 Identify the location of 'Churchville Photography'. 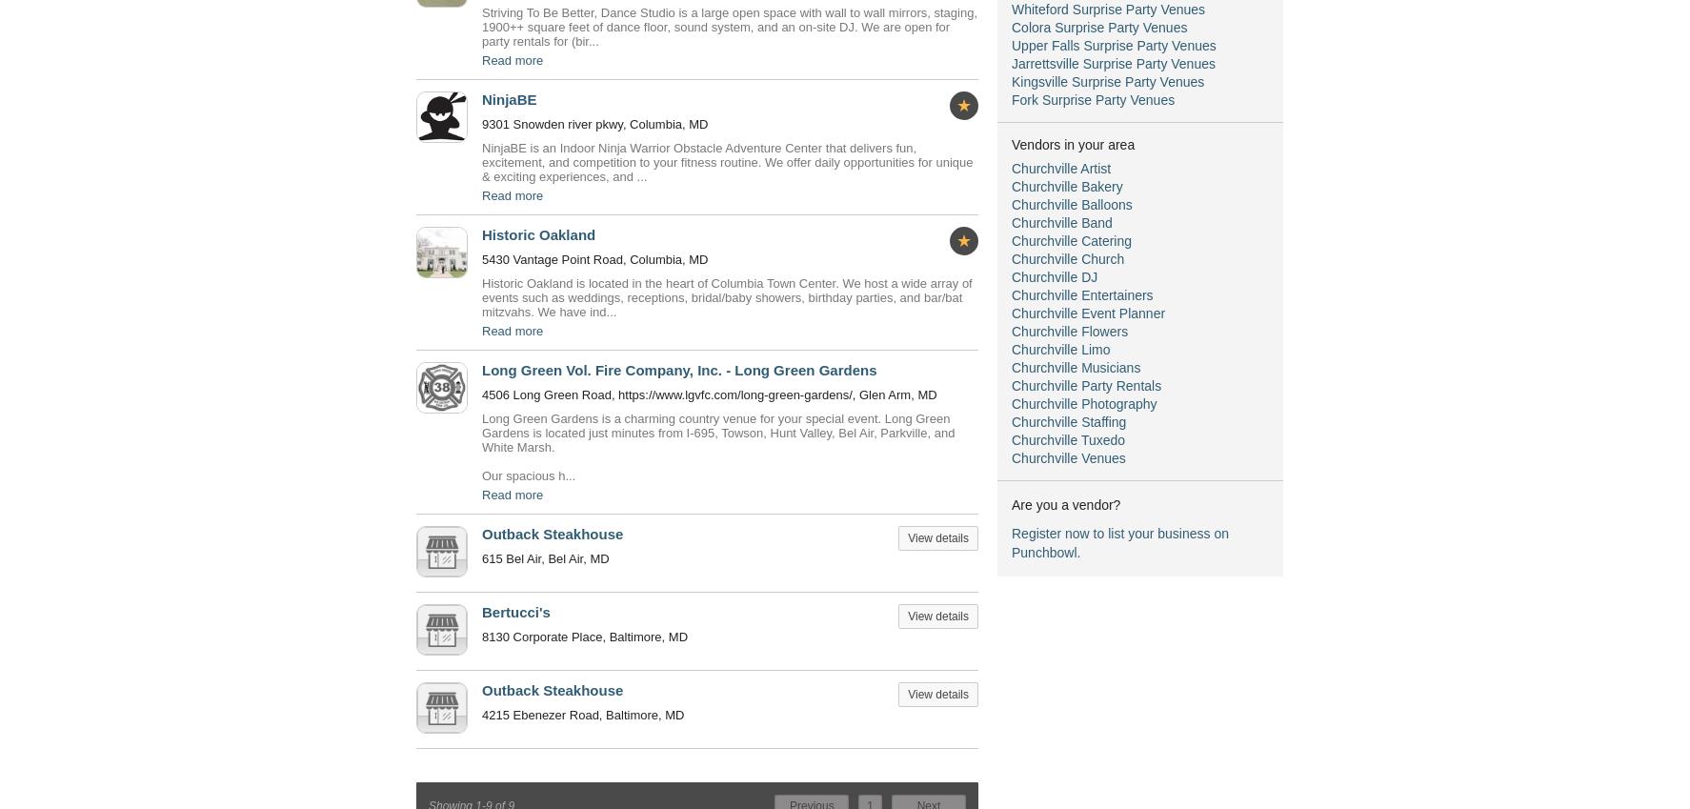
(1011, 402).